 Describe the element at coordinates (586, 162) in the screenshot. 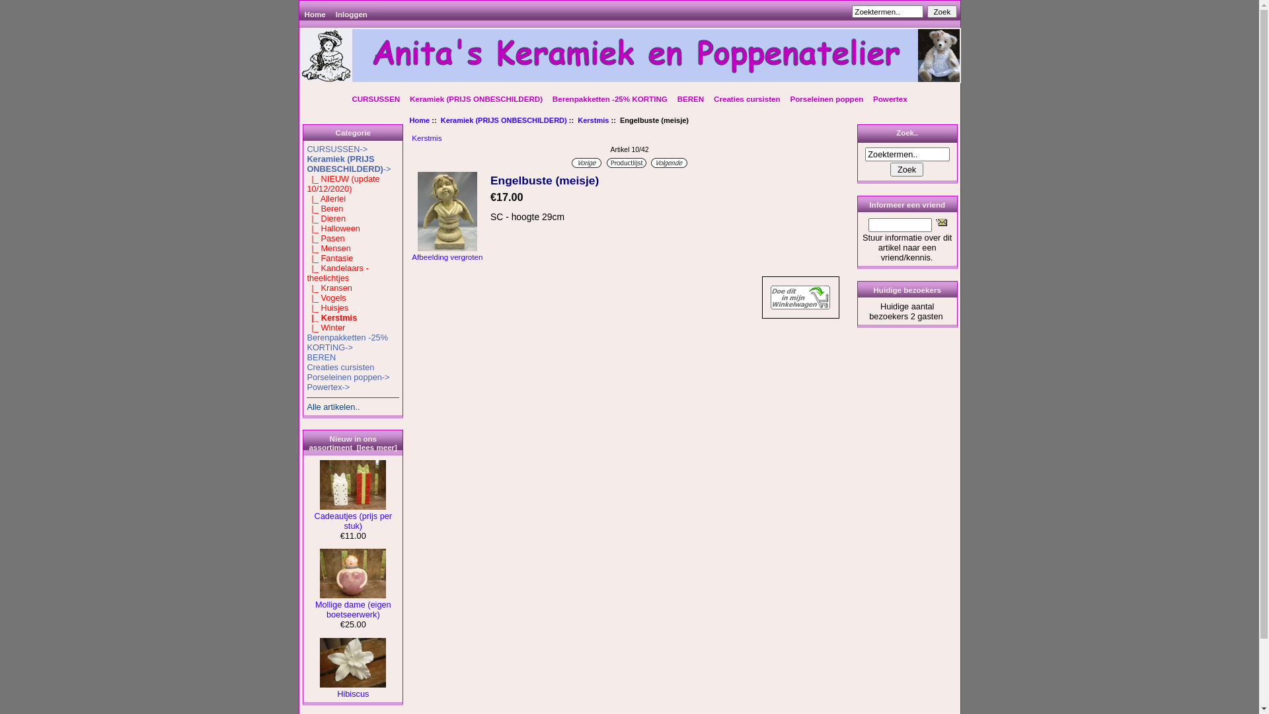

I see `' Vorige '` at that location.